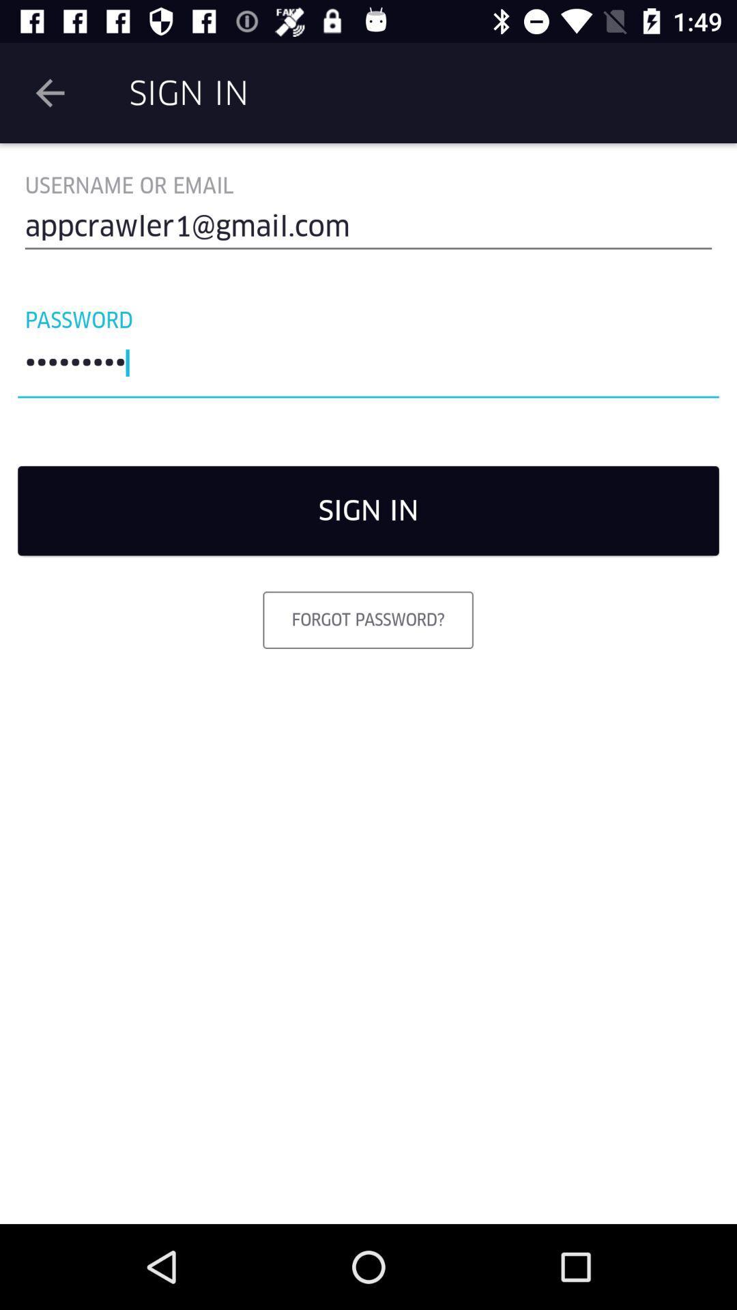 Image resolution: width=737 pixels, height=1310 pixels. Describe the element at coordinates (369, 366) in the screenshot. I see `the item below the password icon` at that location.